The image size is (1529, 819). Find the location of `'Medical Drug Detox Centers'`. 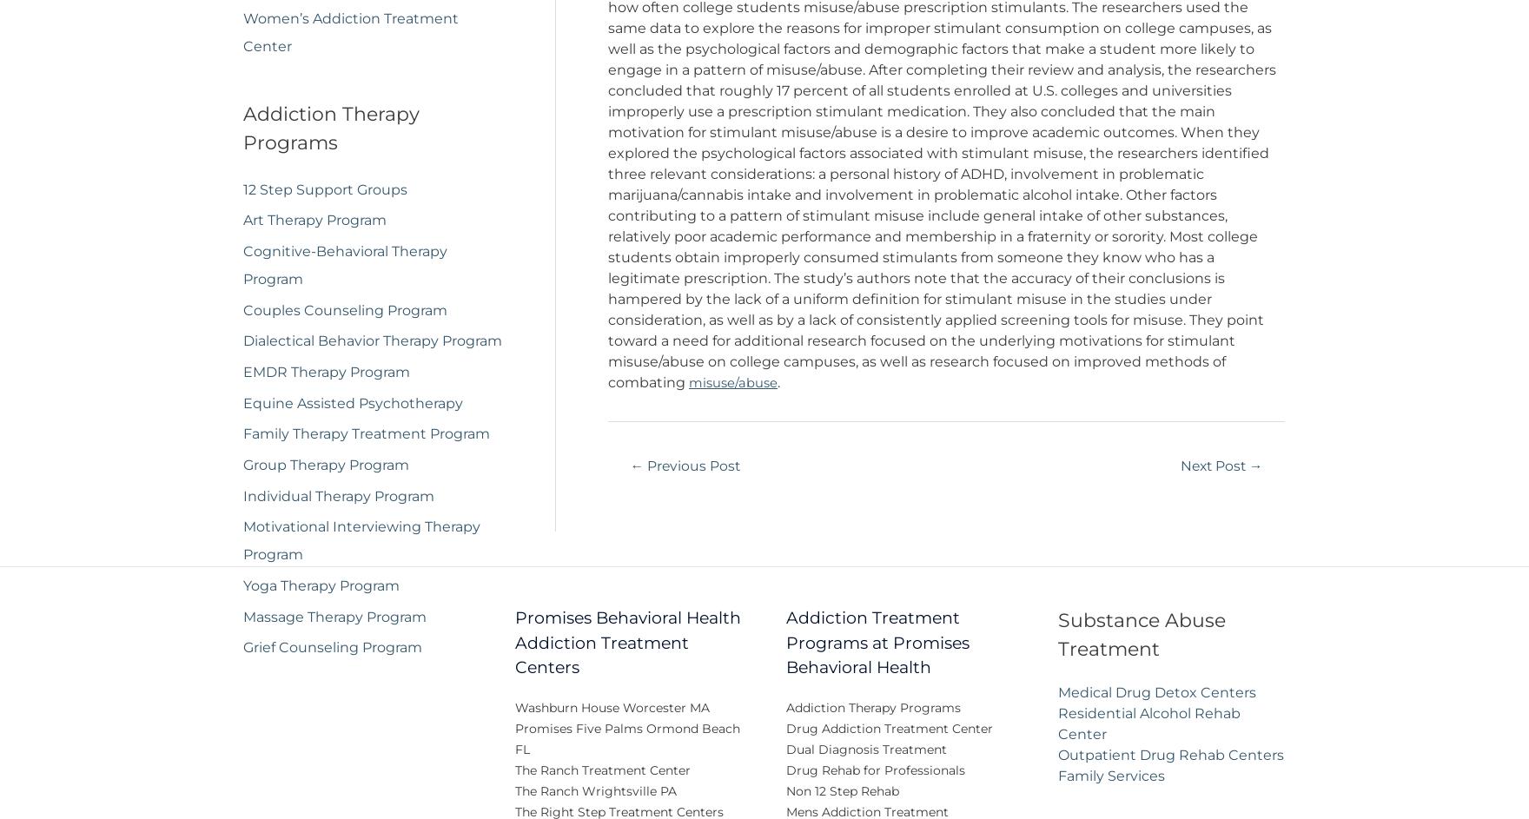

'Medical Drug Detox Centers' is located at coordinates (1156, 703).